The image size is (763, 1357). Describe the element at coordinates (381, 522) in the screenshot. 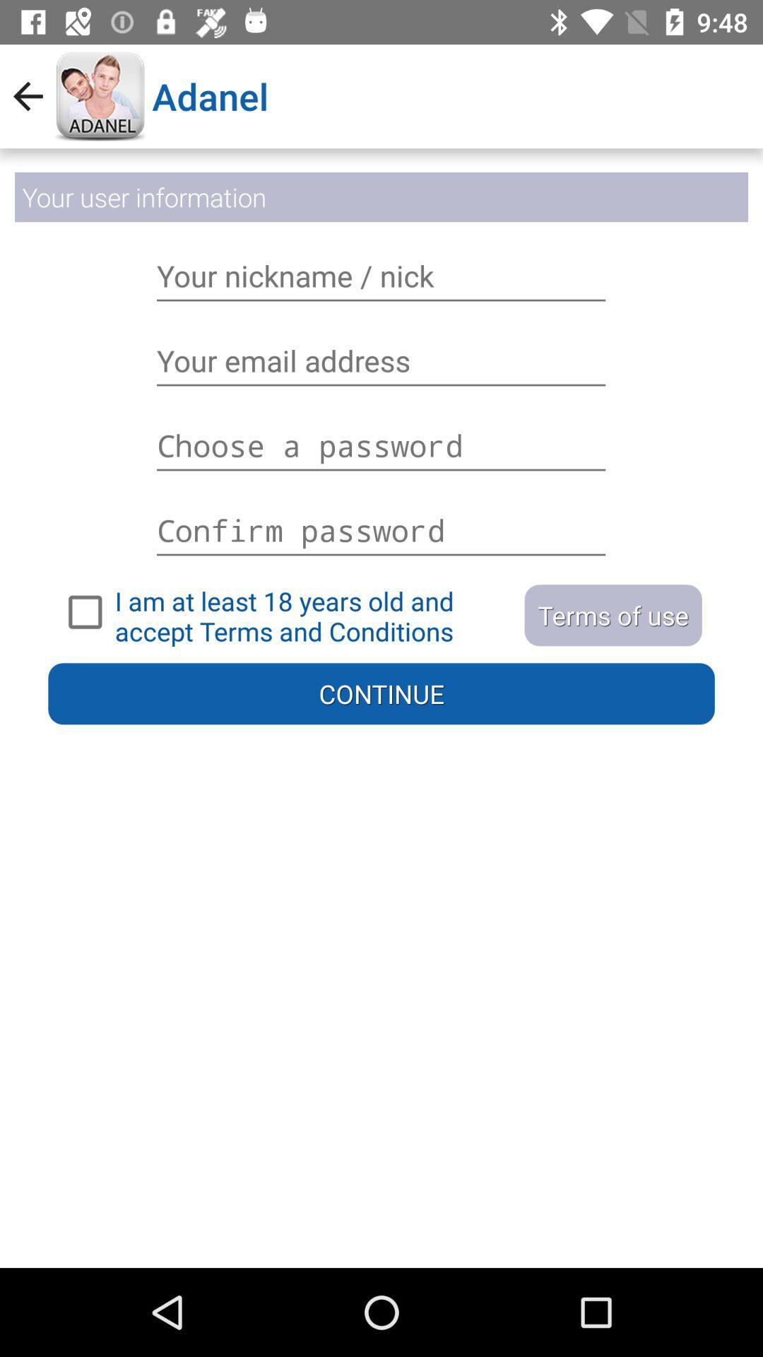

I see `confirm password` at that location.